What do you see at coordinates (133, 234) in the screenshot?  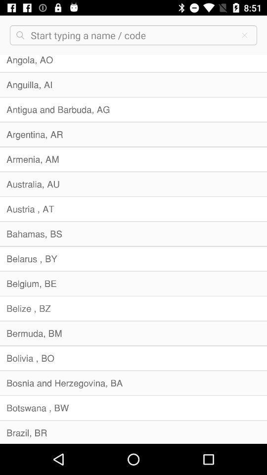 I see `item above belarus , by icon` at bounding box center [133, 234].